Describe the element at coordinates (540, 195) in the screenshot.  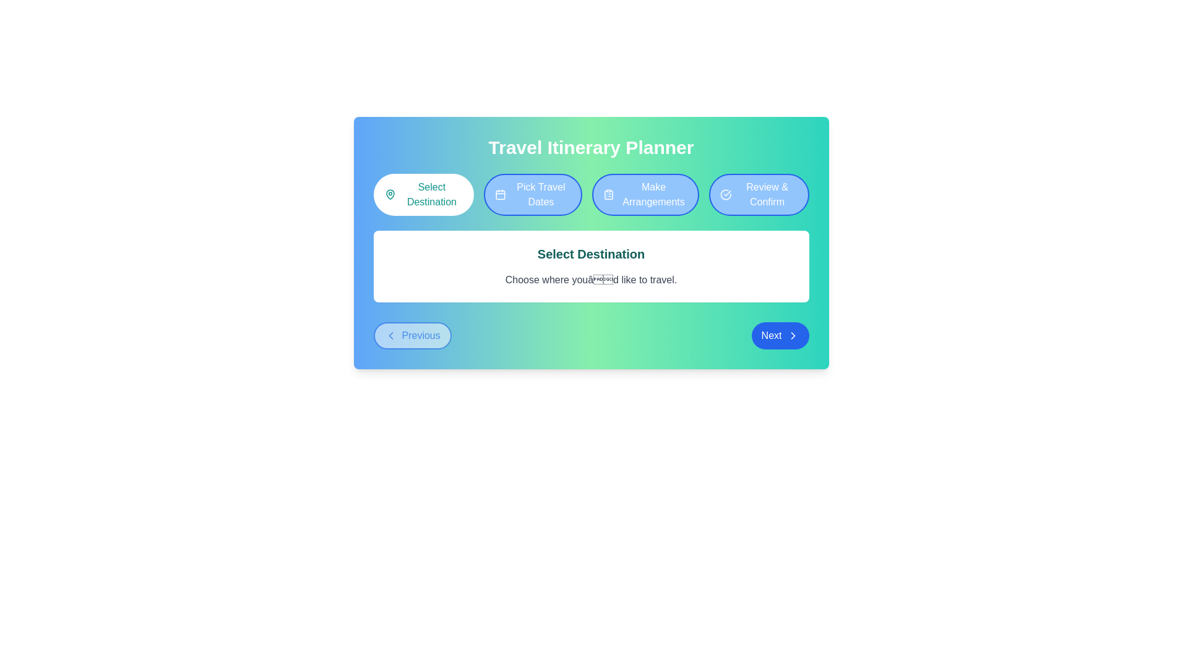
I see `the 'Pick Travel Dates' button, which is the second button in a row of four, styled with white text on a blue background and includes a calendar icon` at that location.